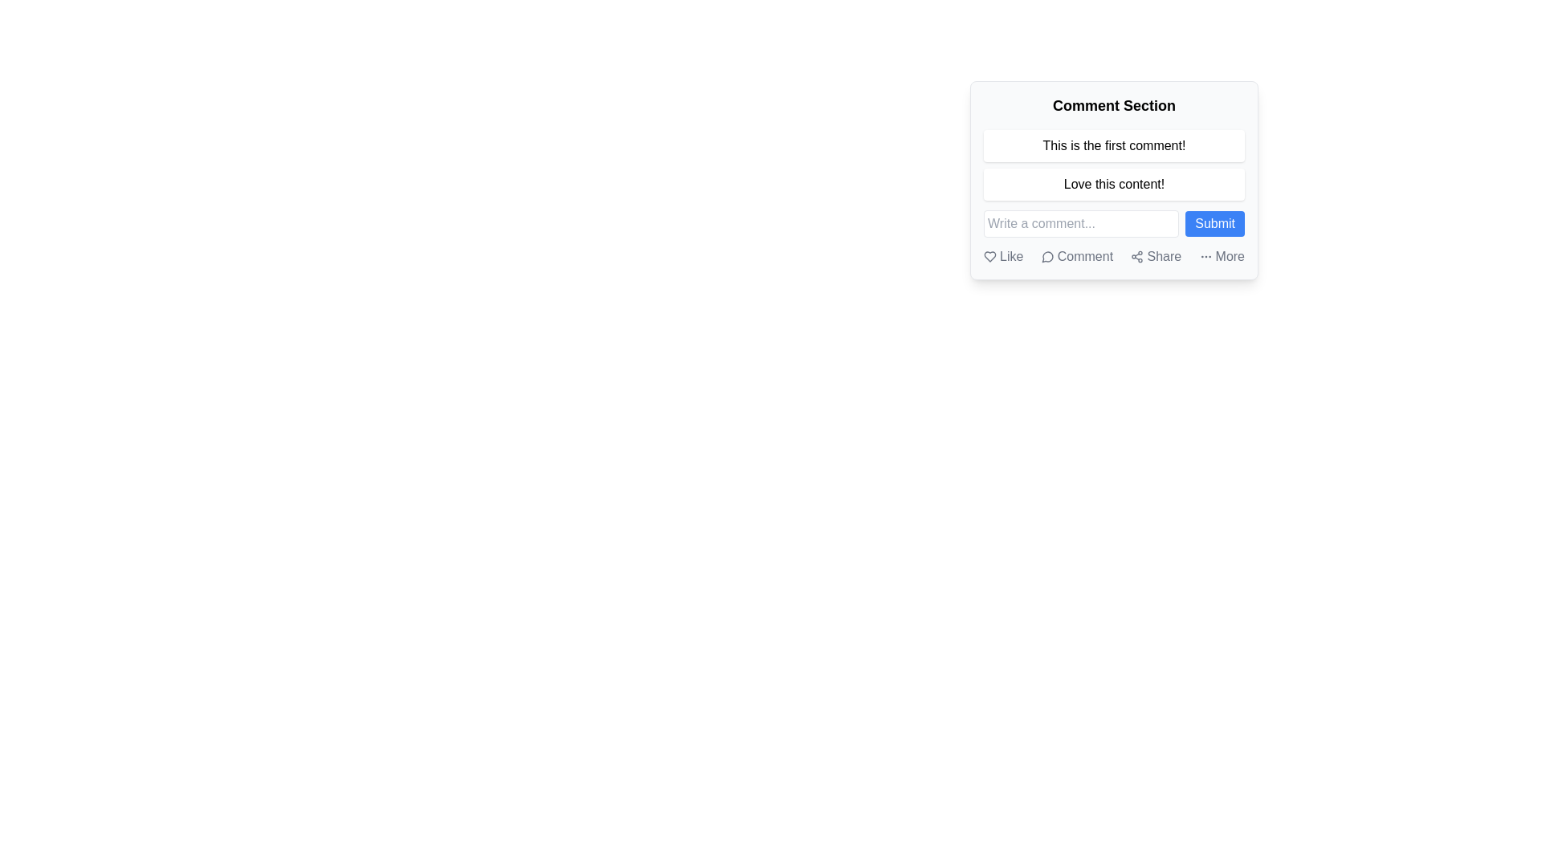 The image size is (1542, 867). What do you see at coordinates (1221, 256) in the screenshot?
I see `the fourth button in the horizontal action bar below the comment section` at bounding box center [1221, 256].